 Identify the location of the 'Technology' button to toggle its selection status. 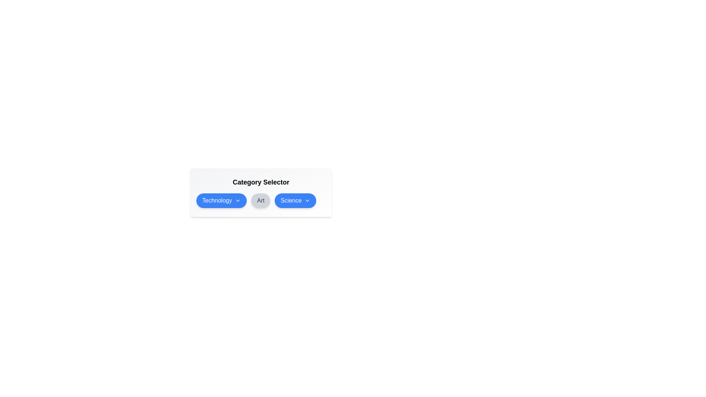
(221, 201).